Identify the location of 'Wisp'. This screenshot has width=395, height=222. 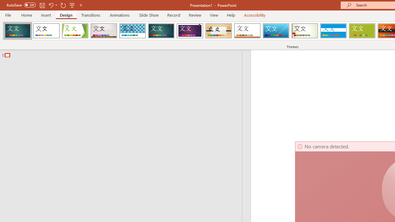
(305, 31).